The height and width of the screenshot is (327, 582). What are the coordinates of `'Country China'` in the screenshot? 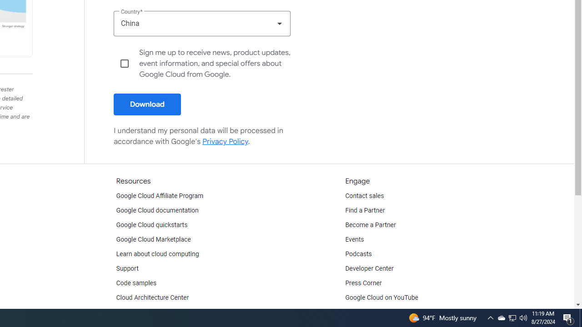 It's located at (201, 23).